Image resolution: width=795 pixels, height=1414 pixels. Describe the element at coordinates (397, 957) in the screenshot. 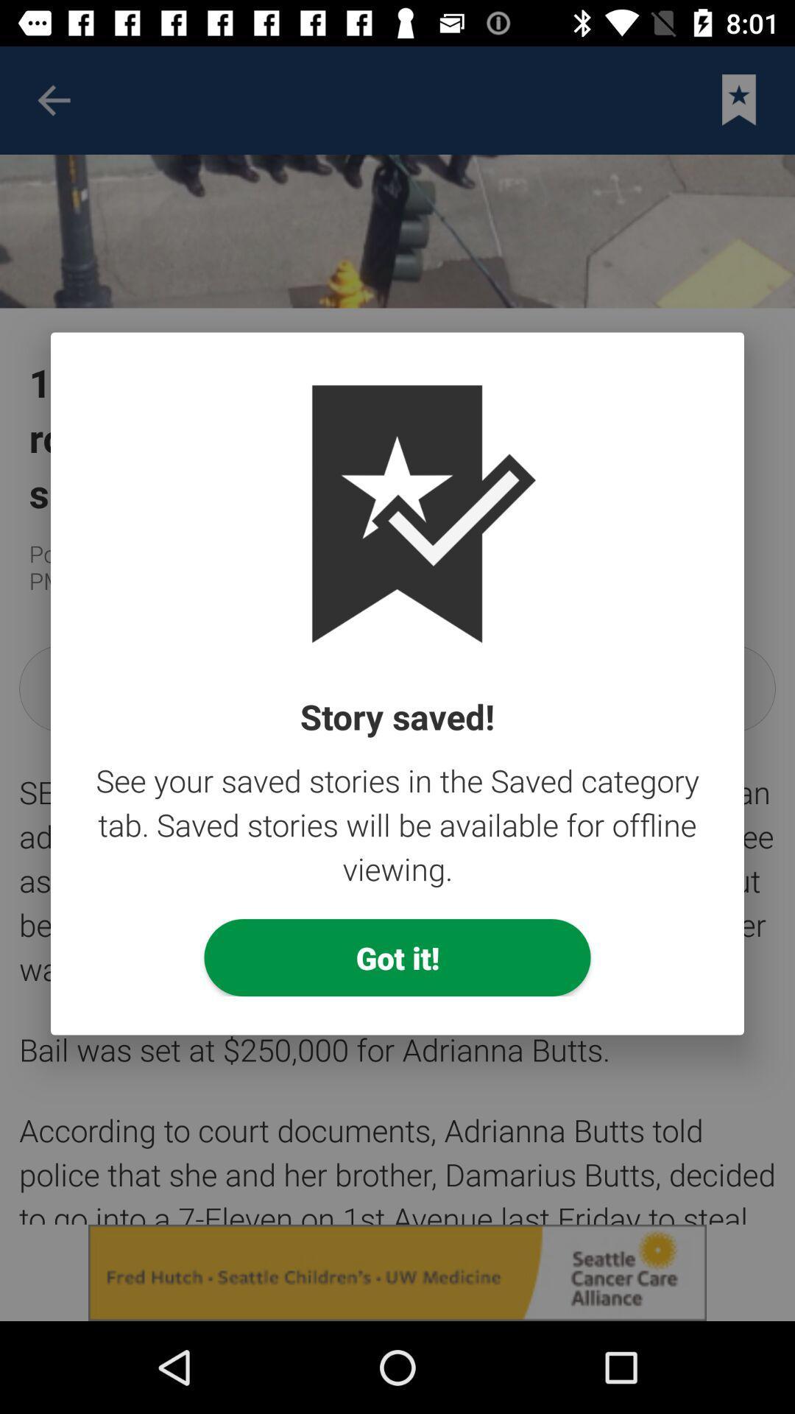

I see `the item below see your saved item` at that location.